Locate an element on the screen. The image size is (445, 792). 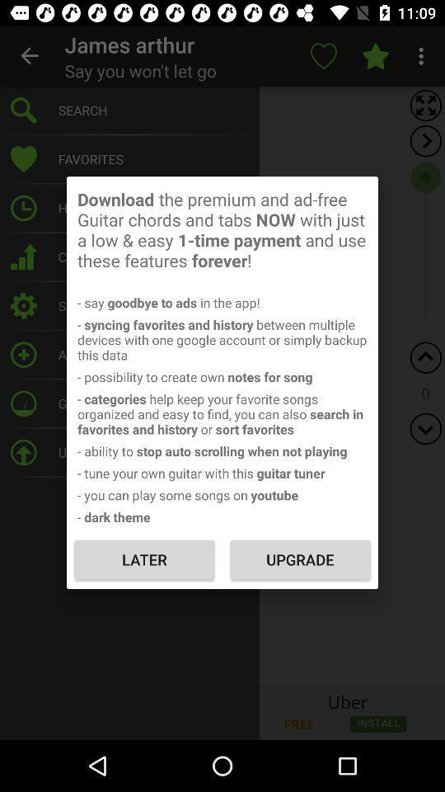
upgrade at the bottom right corner is located at coordinates (299, 559).